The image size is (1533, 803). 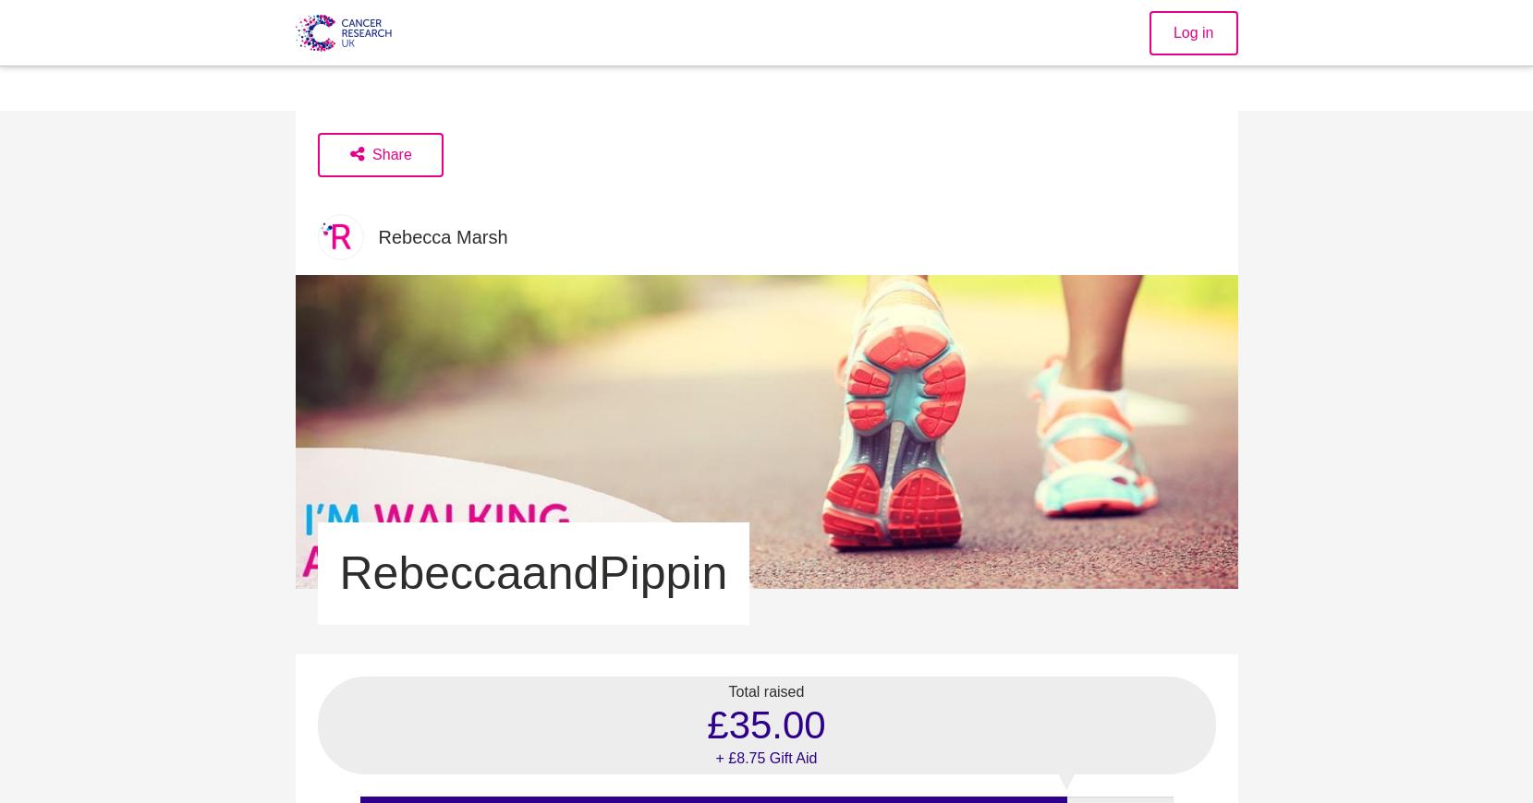 I want to click on 'Share', so click(x=392, y=153).